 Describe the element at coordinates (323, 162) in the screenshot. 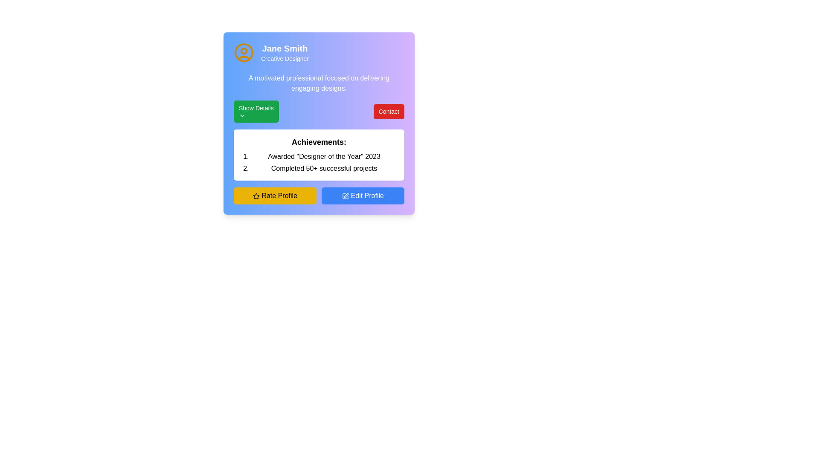

I see `the achievements text list located beneath the 'Achievements:' header to copy its text content` at that location.